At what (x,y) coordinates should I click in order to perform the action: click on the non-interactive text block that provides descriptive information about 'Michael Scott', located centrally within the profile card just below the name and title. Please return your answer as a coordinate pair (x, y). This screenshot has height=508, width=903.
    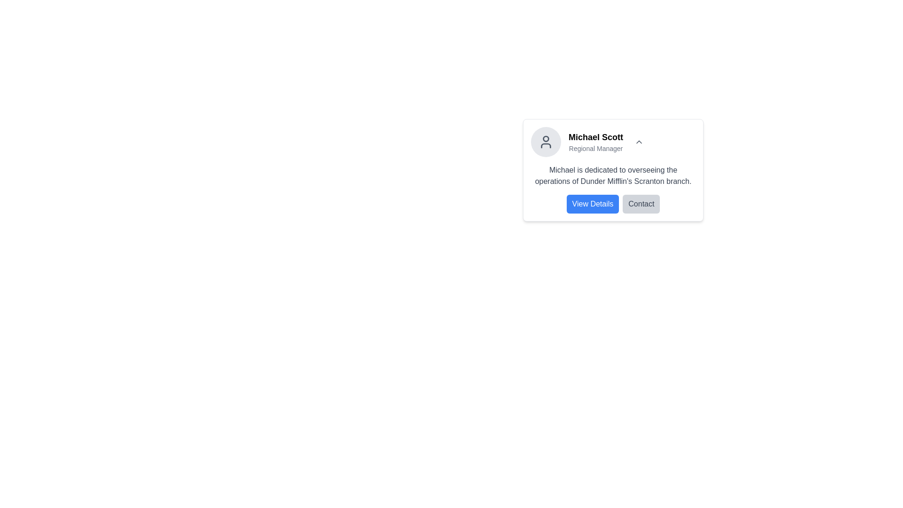
    Looking at the image, I should click on (613, 176).